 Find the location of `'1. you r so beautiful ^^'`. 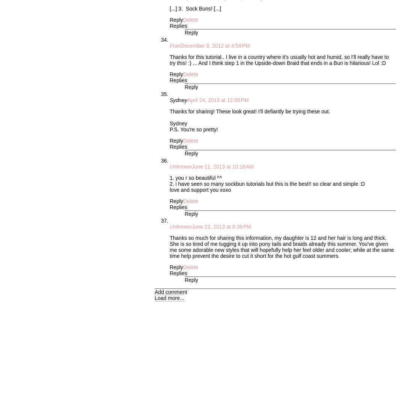

'1. you r so beautiful ^^' is located at coordinates (195, 178).